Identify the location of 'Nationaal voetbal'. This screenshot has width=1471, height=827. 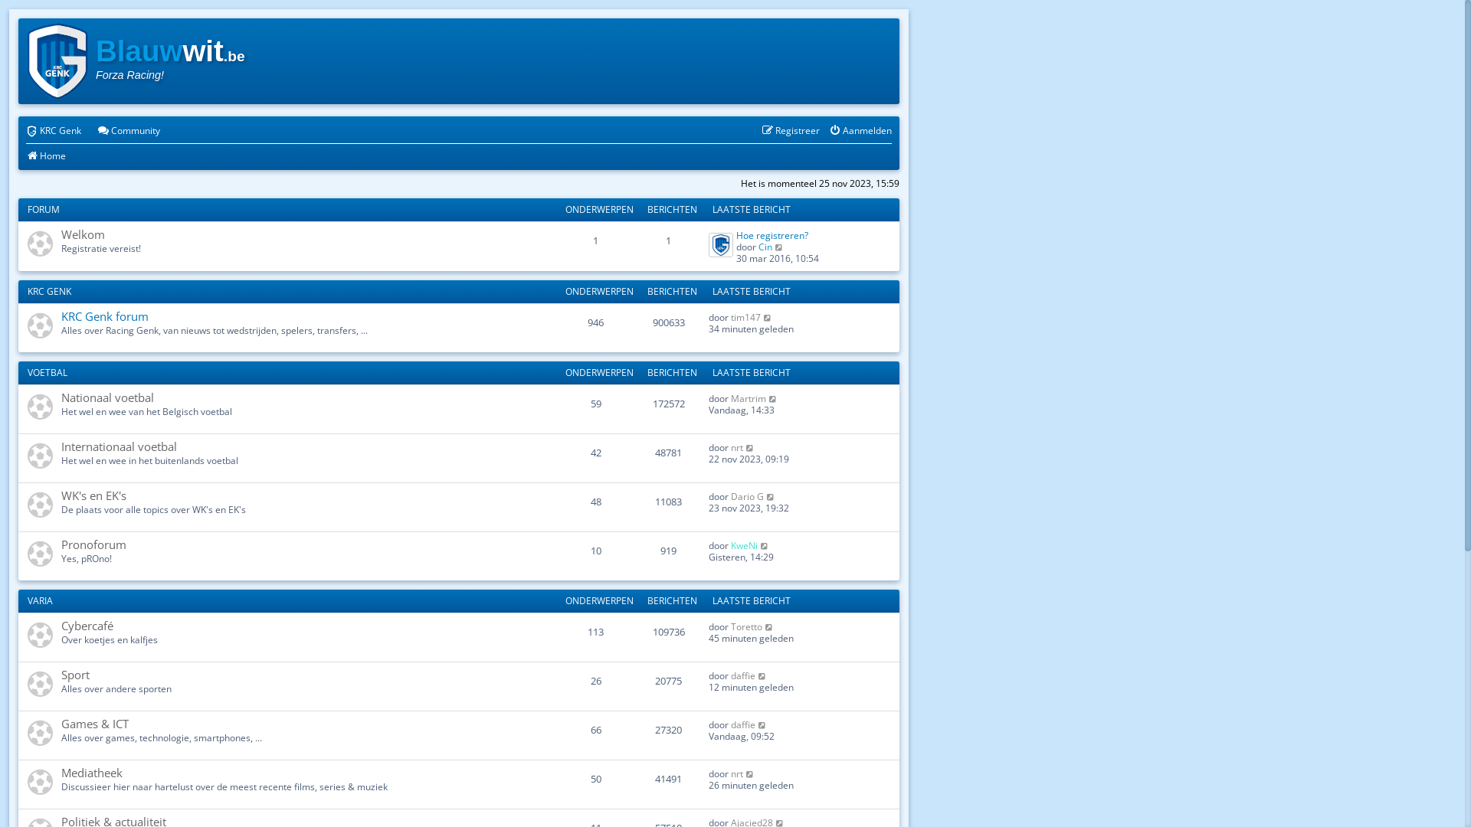
(61, 397).